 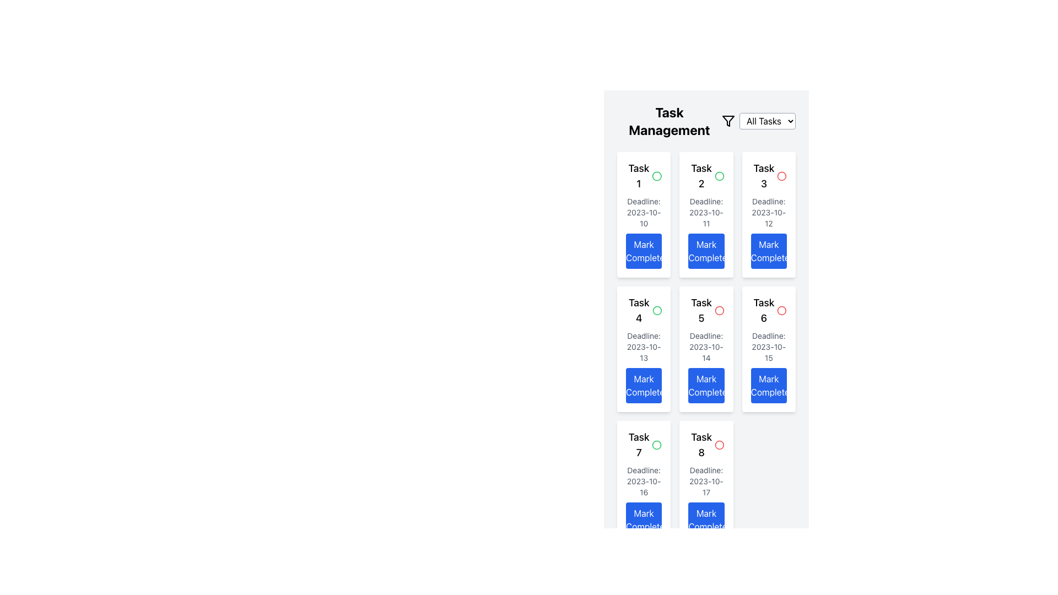 I want to click on the button to mark 'Task 2' as completed located in the bottom section of the 'Task 2' card, which is the third card in the first row of the grid under 'Task Management', so click(x=706, y=251).